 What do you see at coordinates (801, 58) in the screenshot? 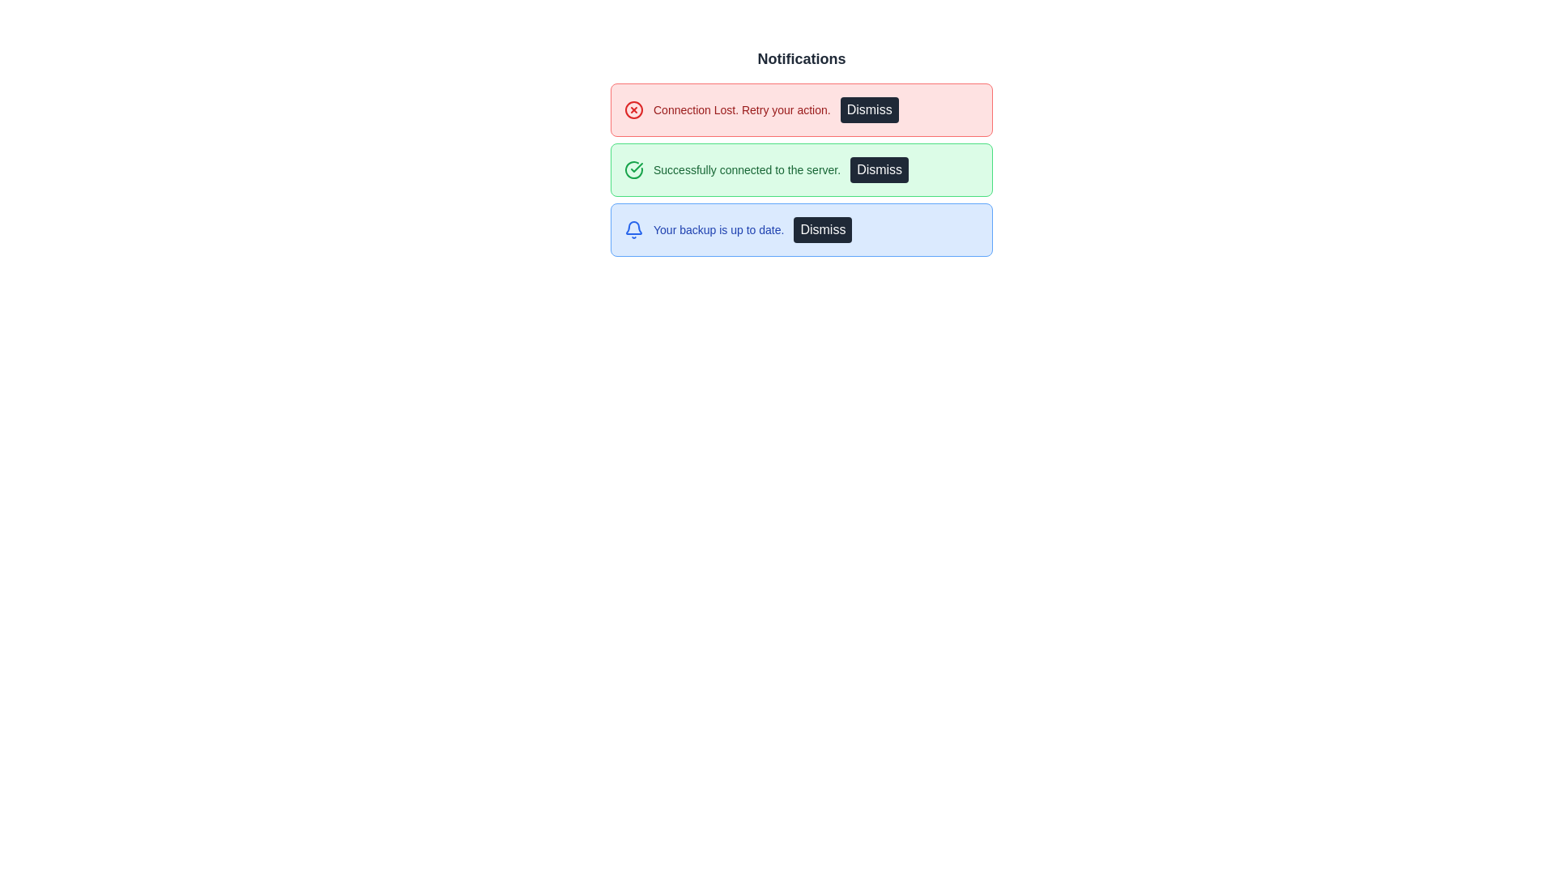
I see `the Heading or Label that serves as the title for the notifications section, which is positioned at the top of the notifications area and is centered horizontally` at bounding box center [801, 58].